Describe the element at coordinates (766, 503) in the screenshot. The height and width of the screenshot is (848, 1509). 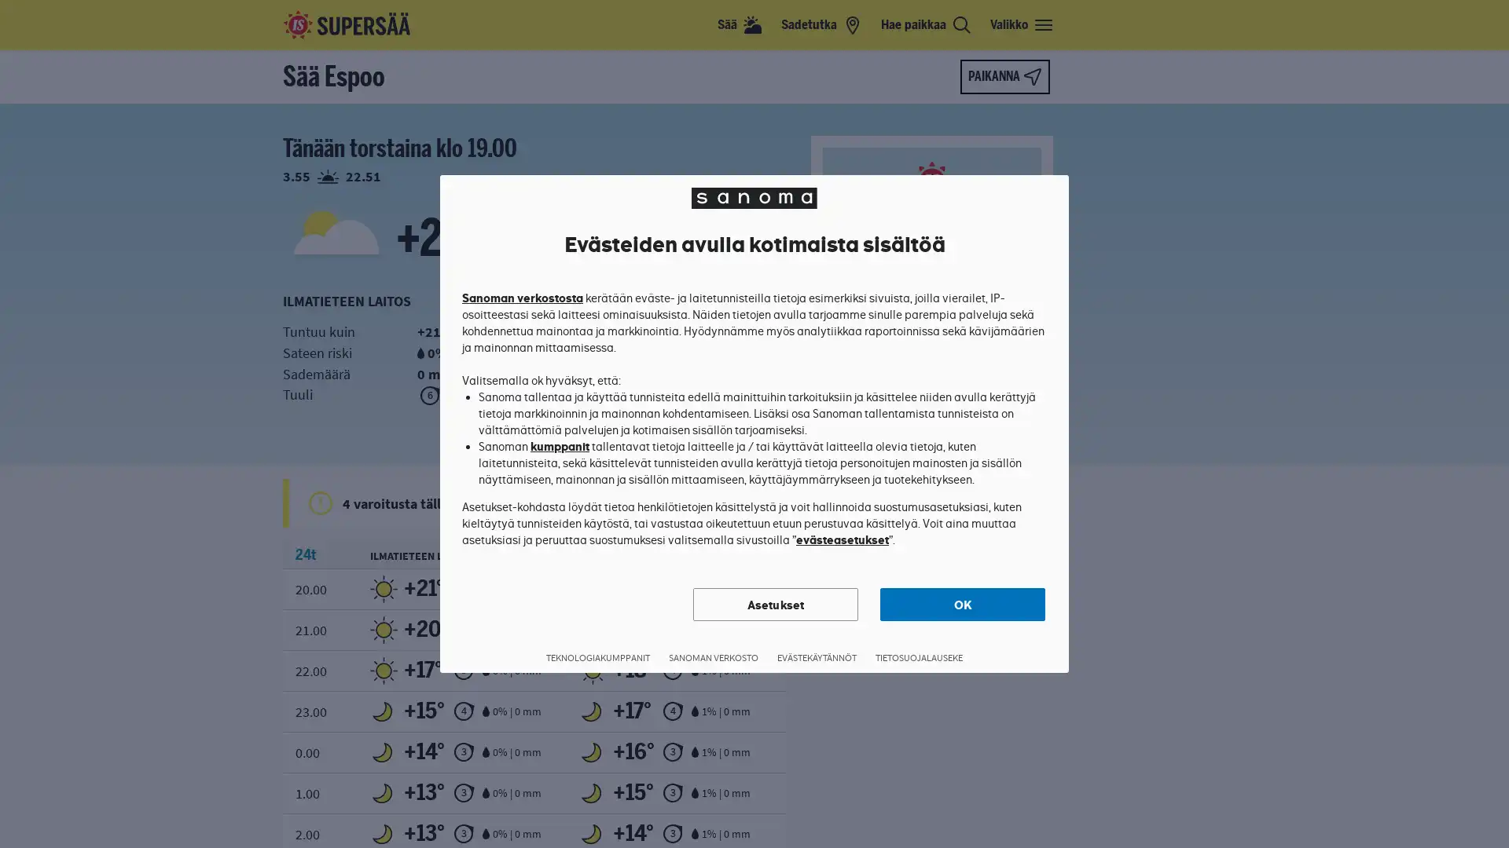
I see `Nayta kaikki varoitukset` at that location.